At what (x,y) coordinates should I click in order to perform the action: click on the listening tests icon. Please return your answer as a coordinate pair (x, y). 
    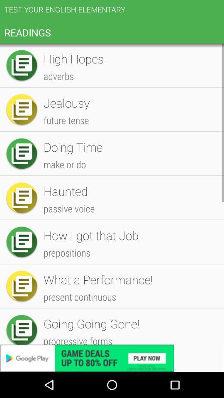
    Looking at the image, I should click on (129, 293).